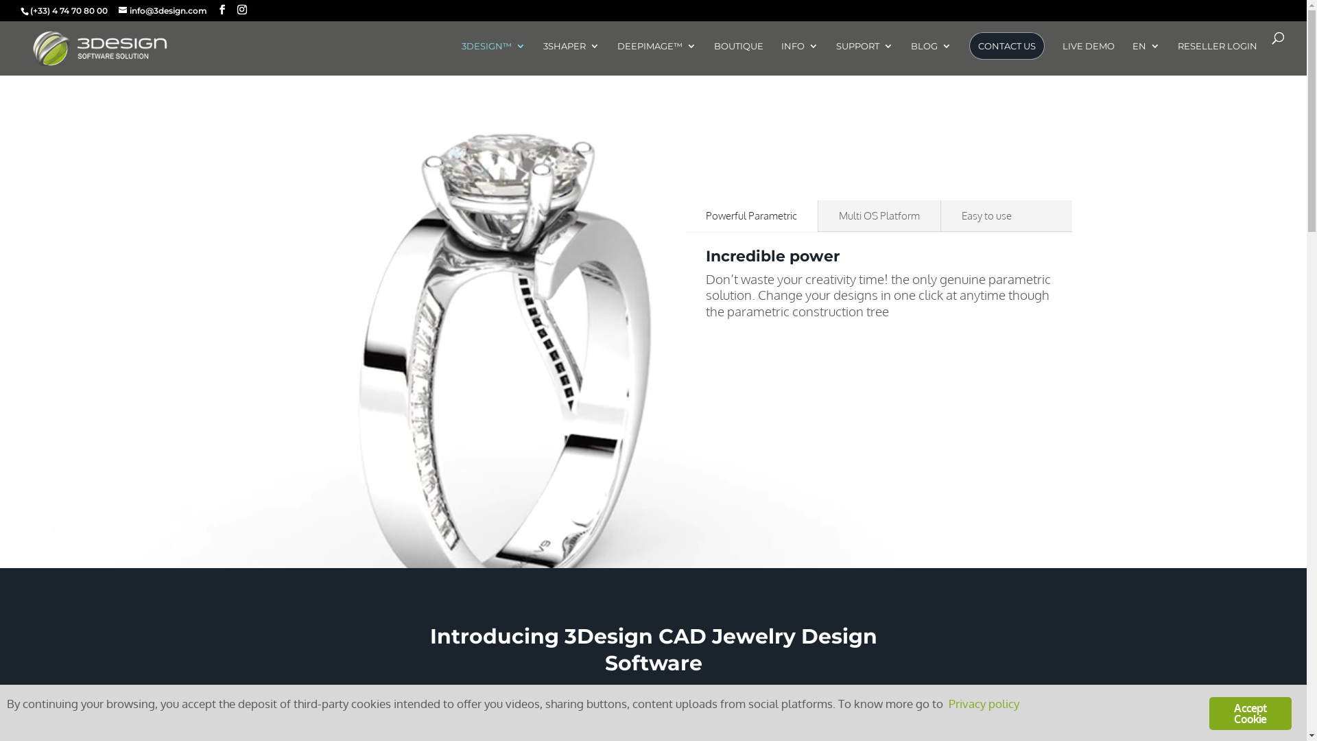 Image resolution: width=1317 pixels, height=741 pixels. What do you see at coordinates (983, 703) in the screenshot?
I see `'Privacy policy'` at bounding box center [983, 703].